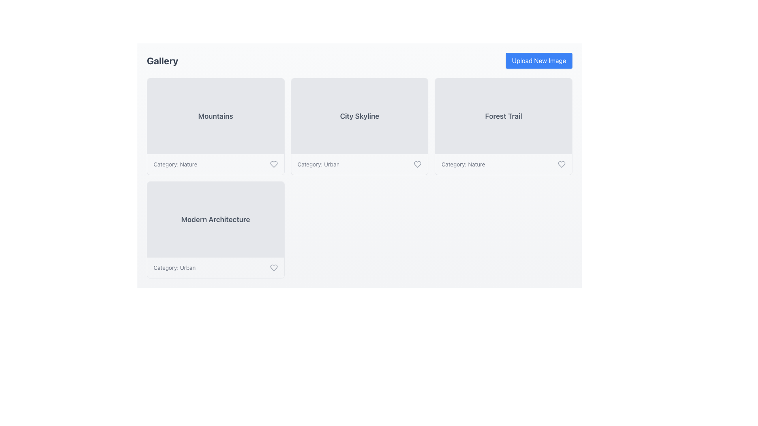 This screenshot has width=758, height=426. I want to click on the prominent 'Gallery' static text label, which is styled in bold and dark gray, located in the upper-left corner of the interface within the header section, so click(162, 60).